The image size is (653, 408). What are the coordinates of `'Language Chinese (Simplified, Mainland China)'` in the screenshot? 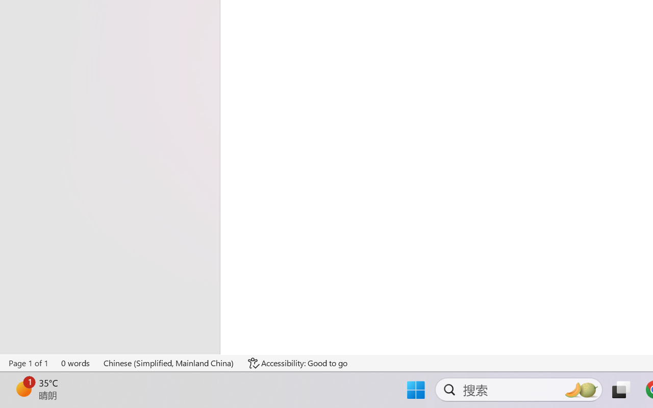 It's located at (169, 363).